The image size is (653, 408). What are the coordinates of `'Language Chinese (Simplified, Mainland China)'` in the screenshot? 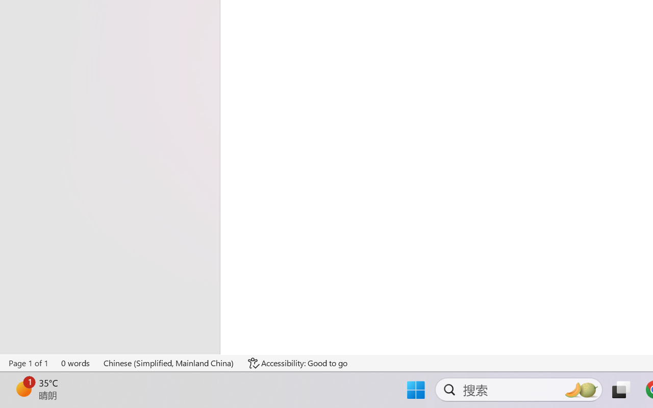 It's located at (169, 363).